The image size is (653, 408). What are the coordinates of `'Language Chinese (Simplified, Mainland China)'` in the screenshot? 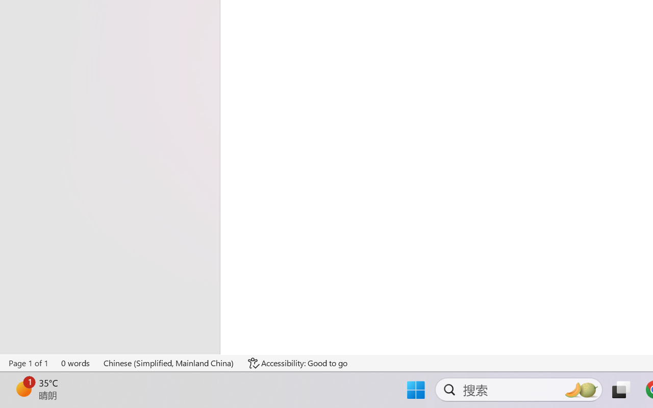 It's located at (169, 363).